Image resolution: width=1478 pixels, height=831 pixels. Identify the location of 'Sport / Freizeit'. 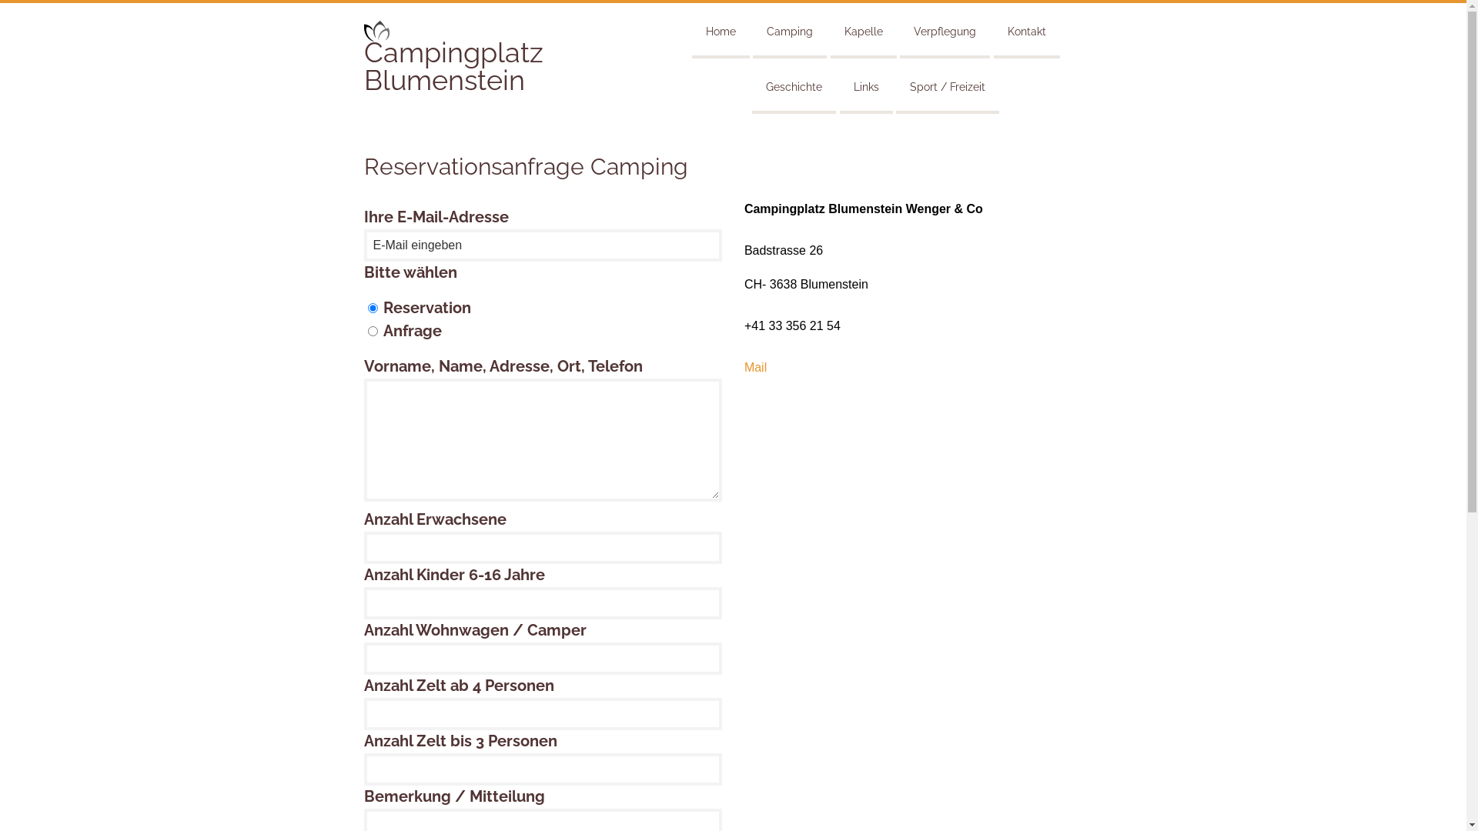
(946, 85).